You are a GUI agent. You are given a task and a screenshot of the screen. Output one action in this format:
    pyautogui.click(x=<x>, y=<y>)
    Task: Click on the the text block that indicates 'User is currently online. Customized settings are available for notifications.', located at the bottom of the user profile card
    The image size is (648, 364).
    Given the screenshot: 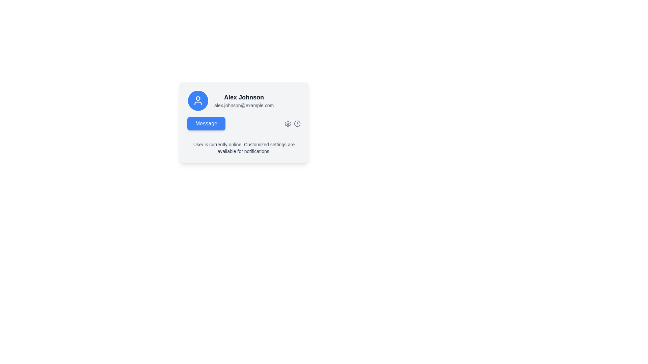 What is the action you would take?
    pyautogui.click(x=244, y=148)
    